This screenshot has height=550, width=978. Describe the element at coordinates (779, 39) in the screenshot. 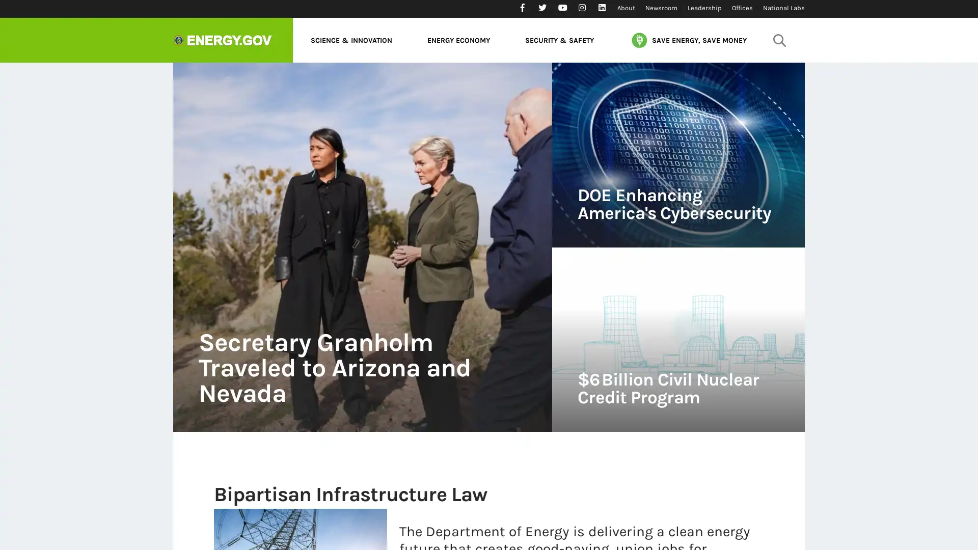

I see `submit` at that location.